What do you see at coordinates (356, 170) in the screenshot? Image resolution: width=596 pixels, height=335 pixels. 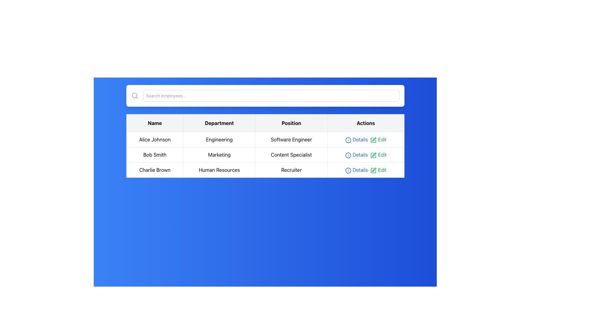 I see `the hyperlink in the Actions column of the last row of the table` at bounding box center [356, 170].